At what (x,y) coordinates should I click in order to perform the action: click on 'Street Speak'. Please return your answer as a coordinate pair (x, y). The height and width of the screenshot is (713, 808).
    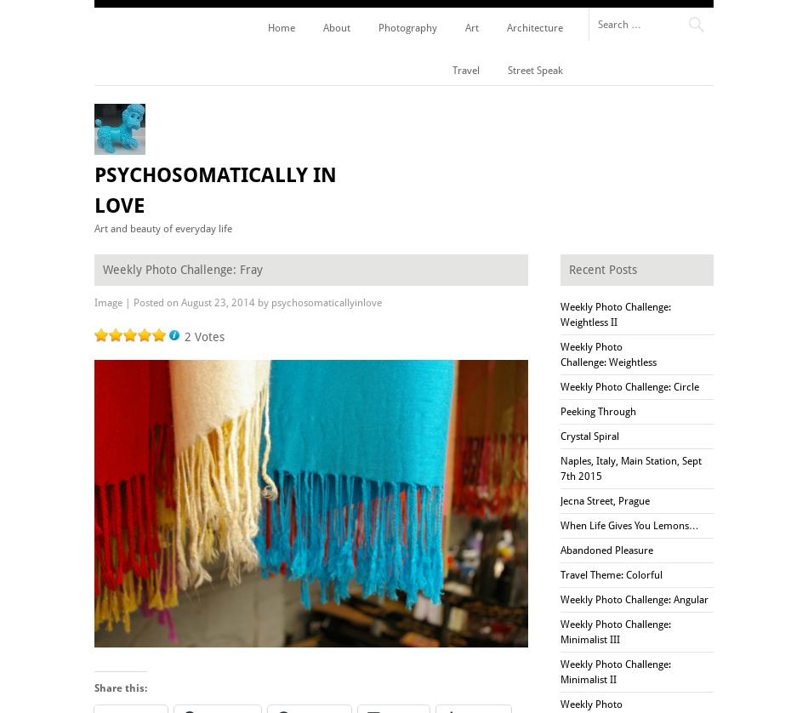
    Looking at the image, I should click on (507, 70).